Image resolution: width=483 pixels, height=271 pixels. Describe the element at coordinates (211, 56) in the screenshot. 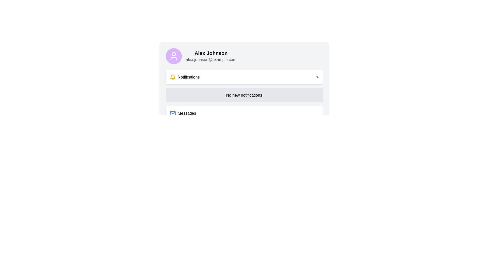

I see `the user information header that displays the user's name and email address, located to the right of a circular avatar icon with a purple background` at that location.